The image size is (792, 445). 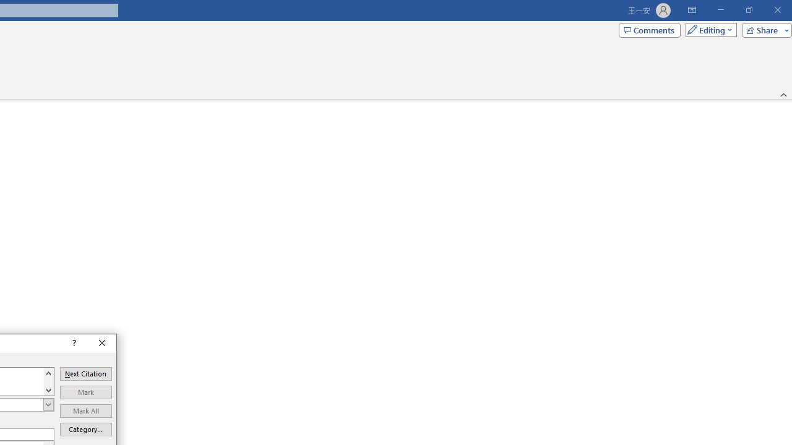 What do you see at coordinates (48, 381) in the screenshot?
I see `'Vertical'` at bounding box center [48, 381].